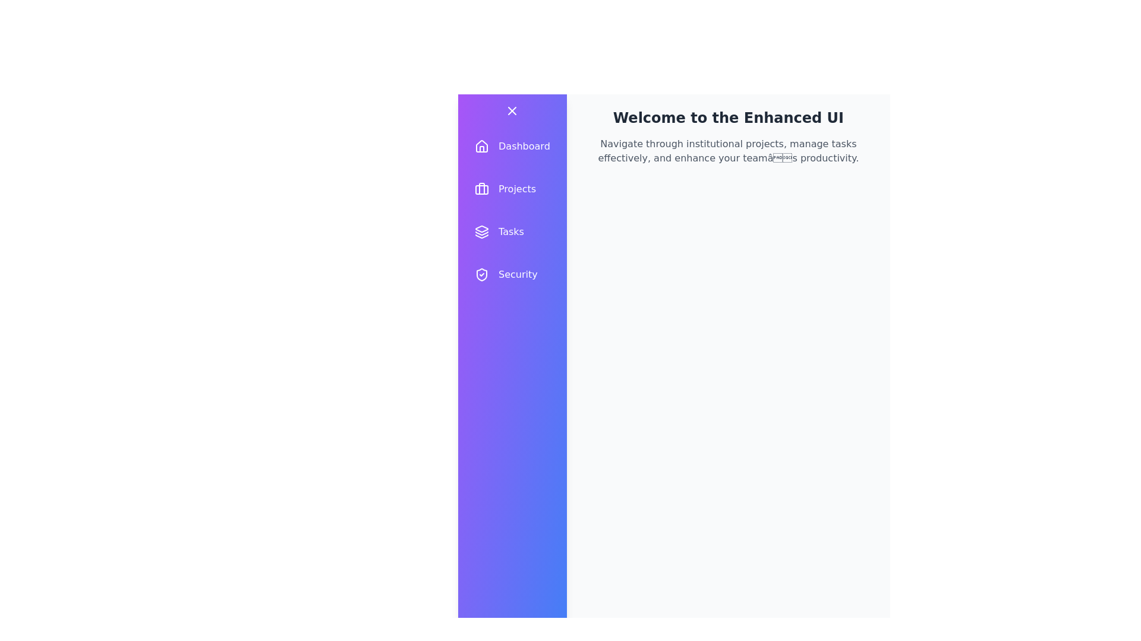  Describe the element at coordinates (482, 148) in the screenshot. I see `the small vertical line with a rounded end, resembling a house door, located within the house icon on the sidebar` at that location.